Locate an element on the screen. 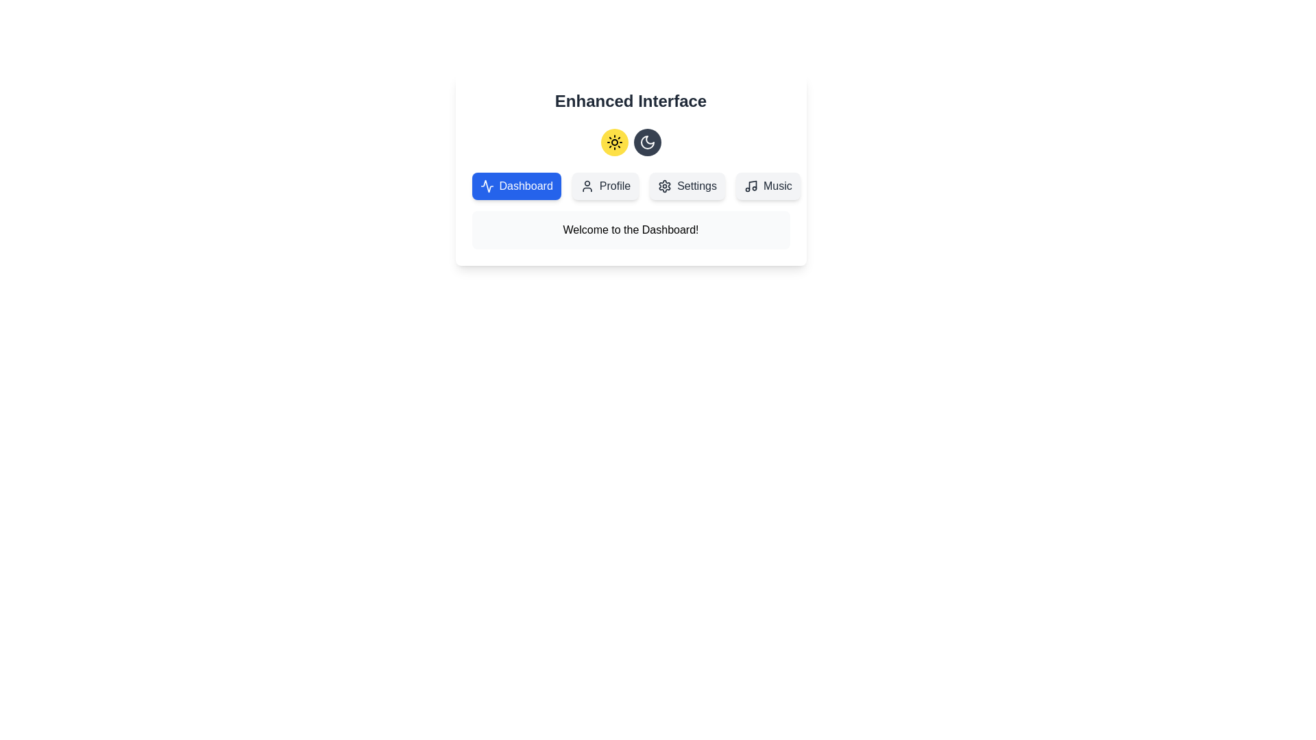  the music note icon located to the left of the 'Music' text in the Music button at the far-right of the button row is located at coordinates (750, 186).